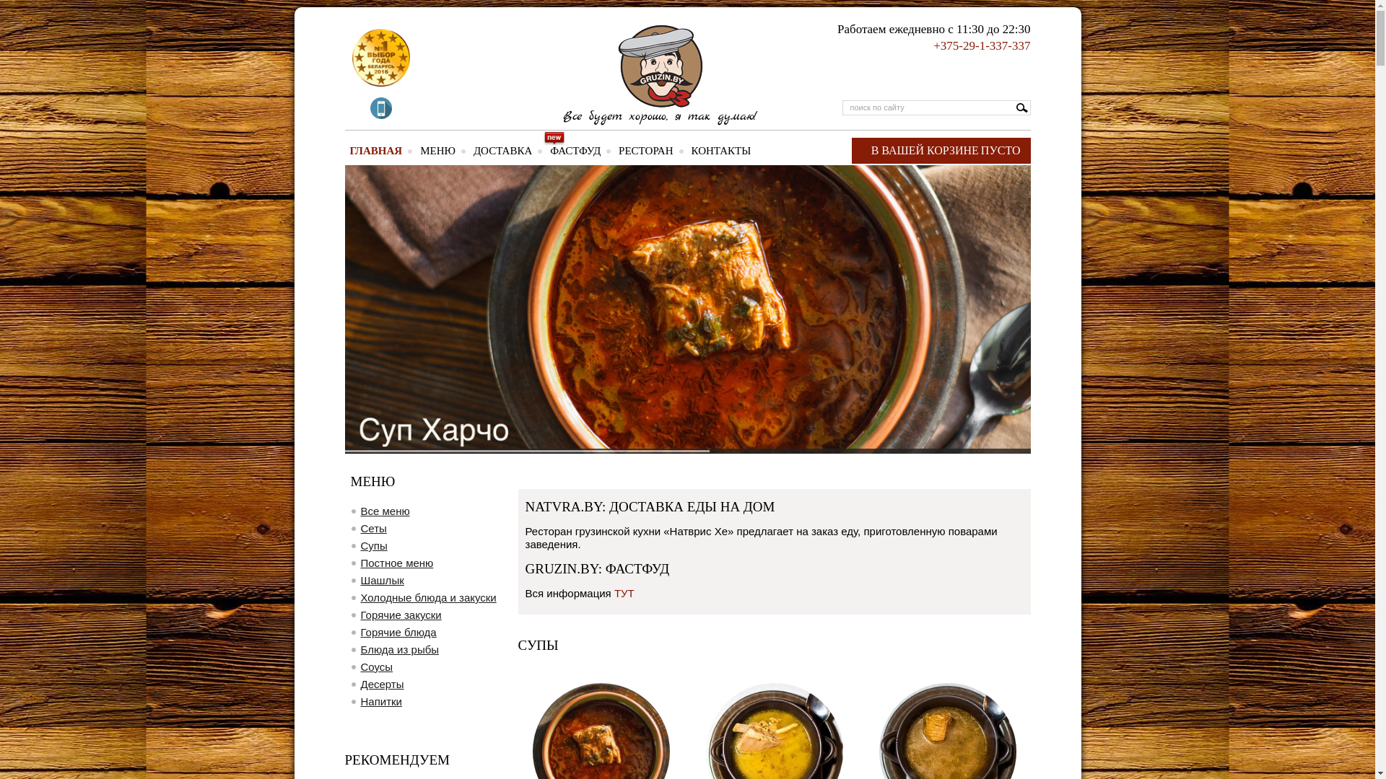 Image resolution: width=1386 pixels, height=779 pixels. I want to click on '+375-29-1-337-337', so click(981, 45).